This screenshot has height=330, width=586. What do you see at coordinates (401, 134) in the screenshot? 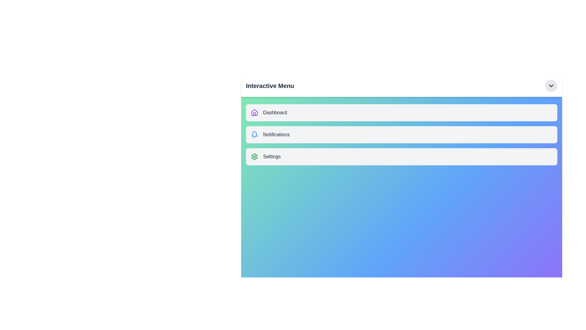
I see `the menu item Notifications to observe its hover effect` at bounding box center [401, 134].